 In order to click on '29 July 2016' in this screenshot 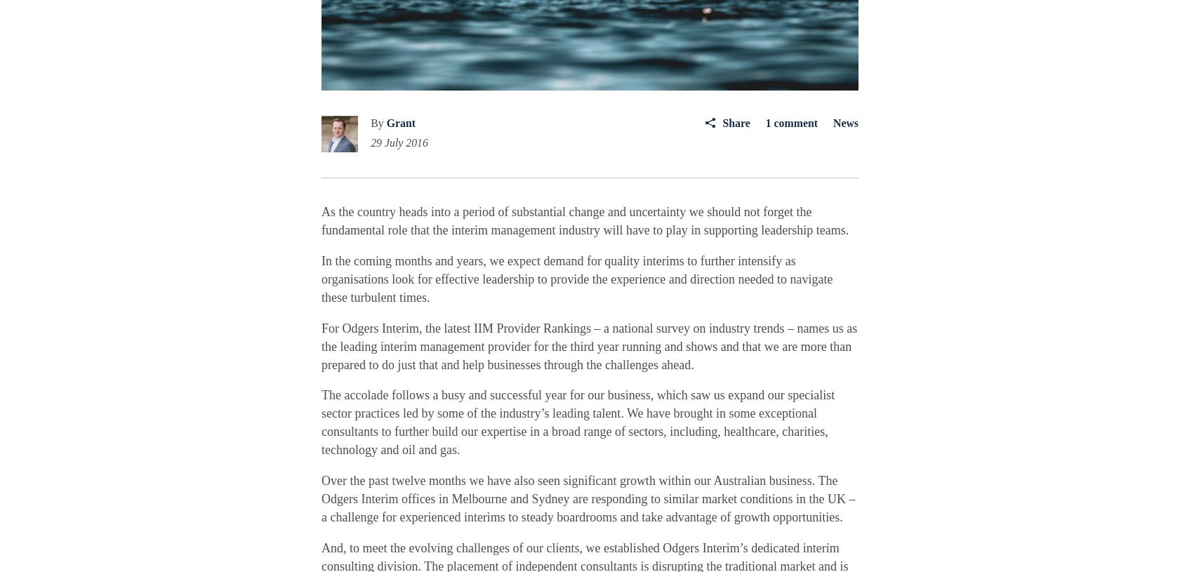, I will do `click(370, 142)`.